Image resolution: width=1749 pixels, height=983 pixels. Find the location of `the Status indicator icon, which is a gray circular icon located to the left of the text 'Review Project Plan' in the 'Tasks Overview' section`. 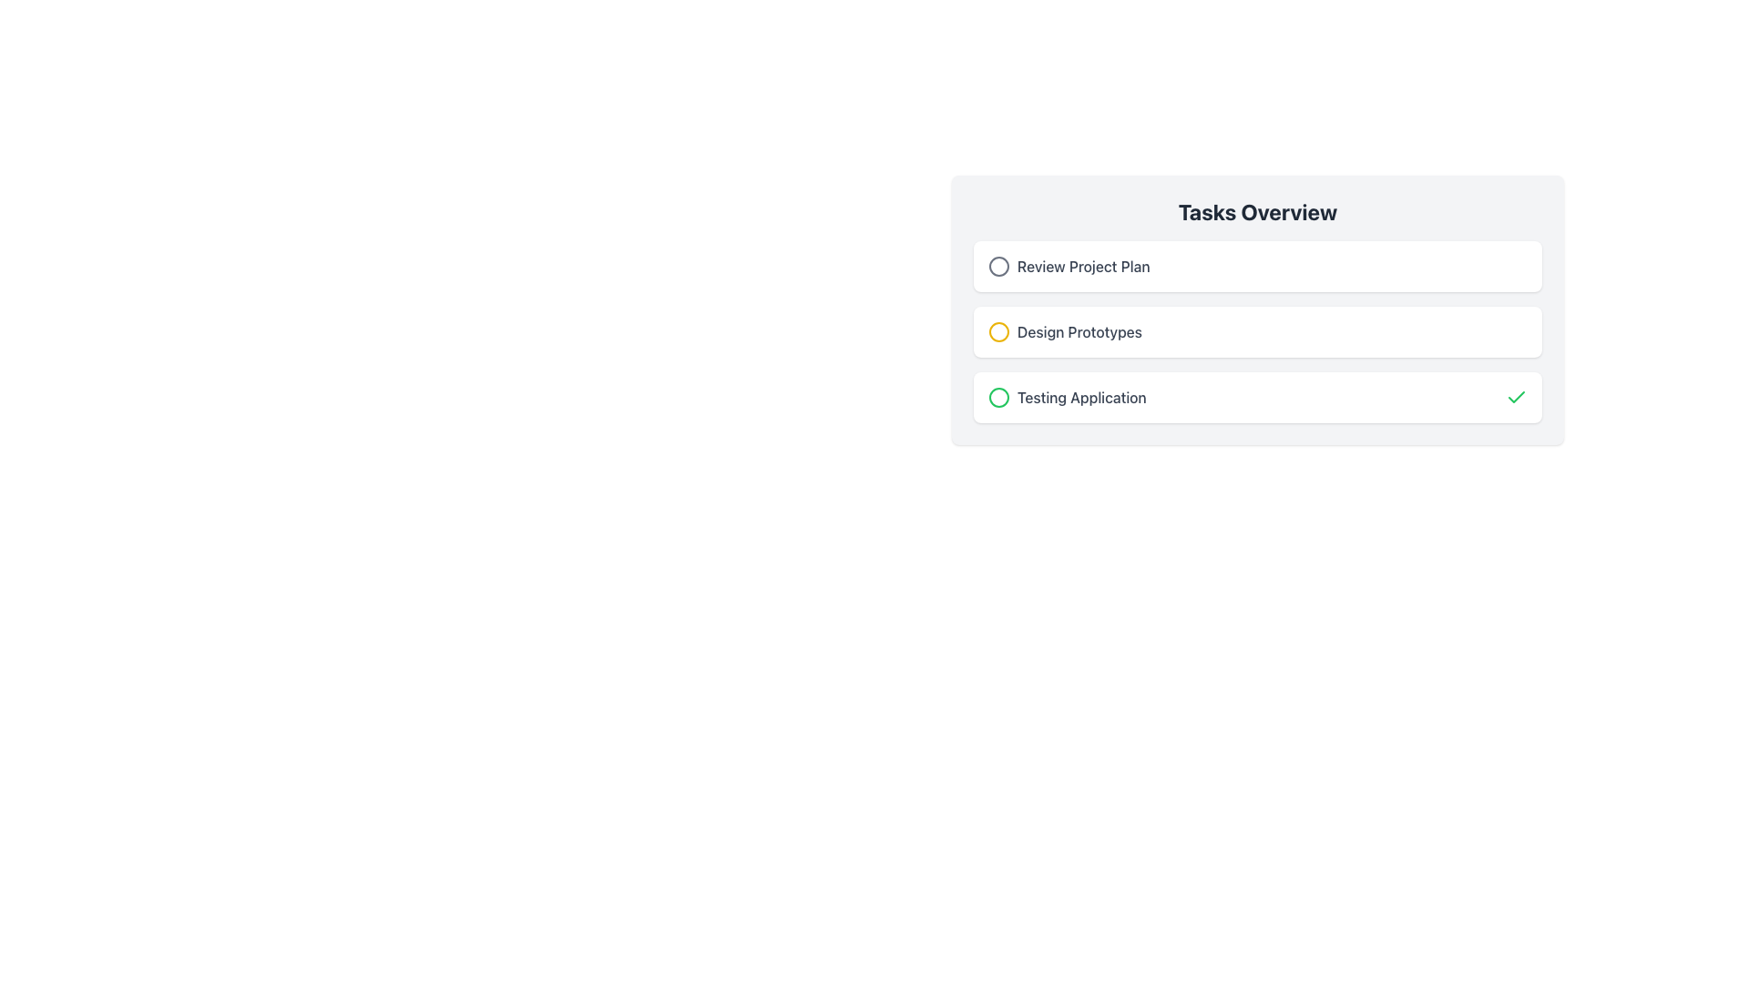

the Status indicator icon, which is a gray circular icon located to the left of the text 'Review Project Plan' in the 'Tasks Overview' section is located at coordinates (998, 267).